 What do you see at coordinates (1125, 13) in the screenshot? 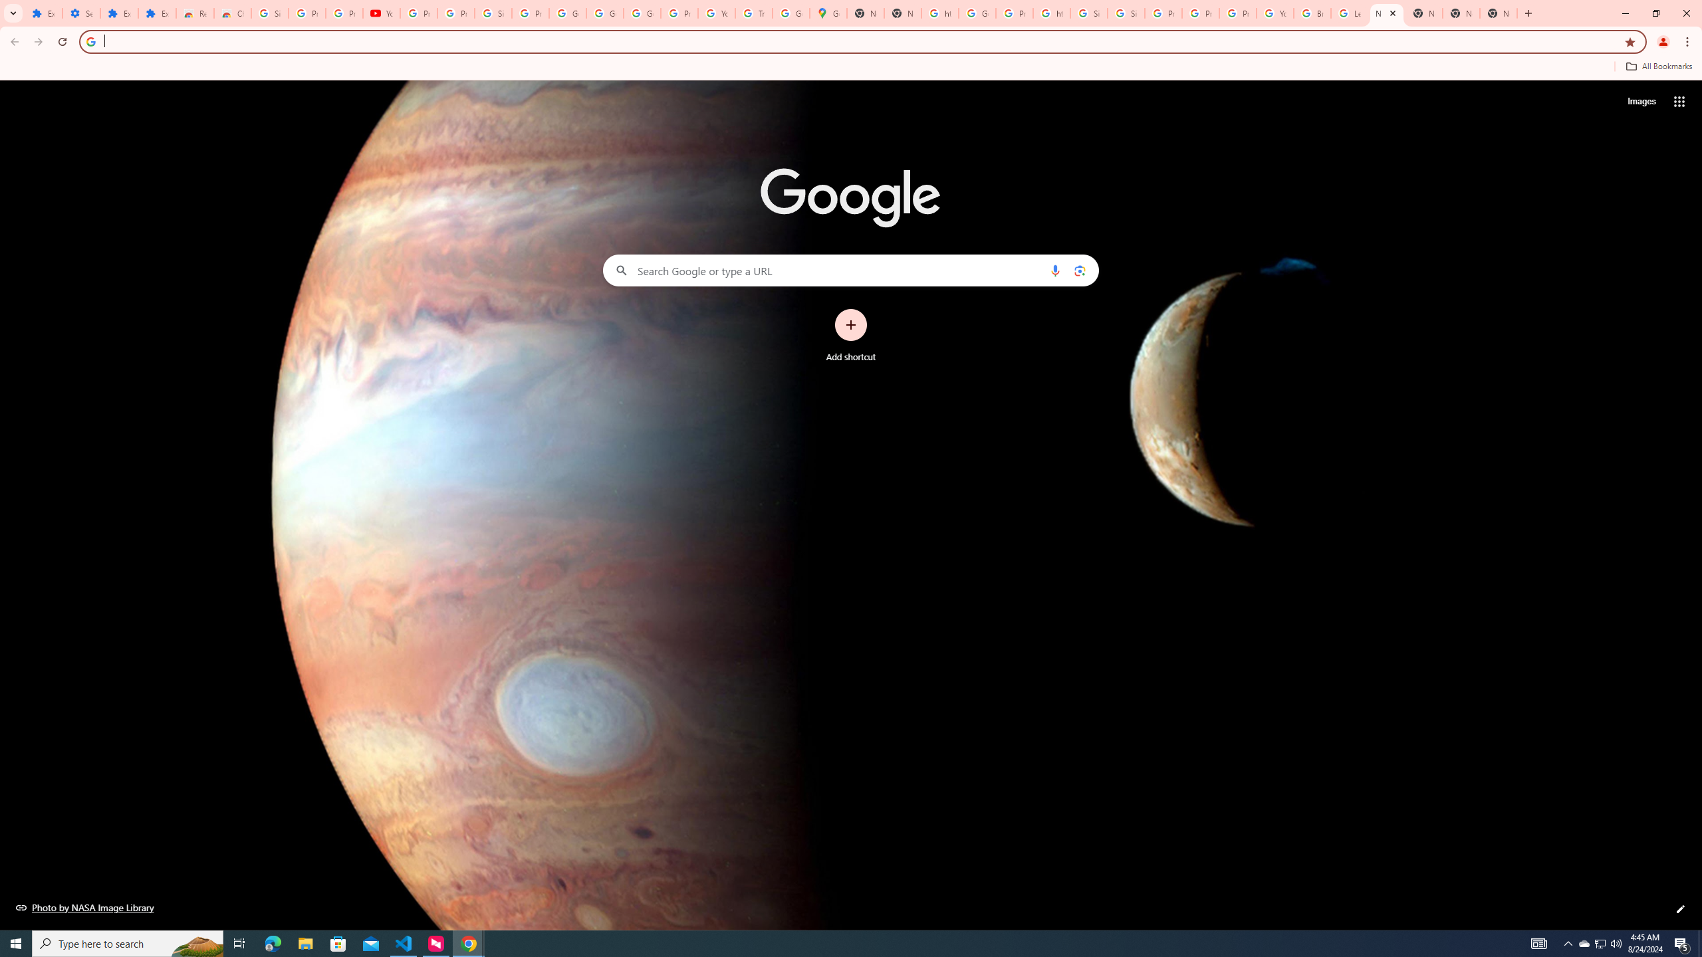
I see `'Sign in - Google Accounts'` at bounding box center [1125, 13].